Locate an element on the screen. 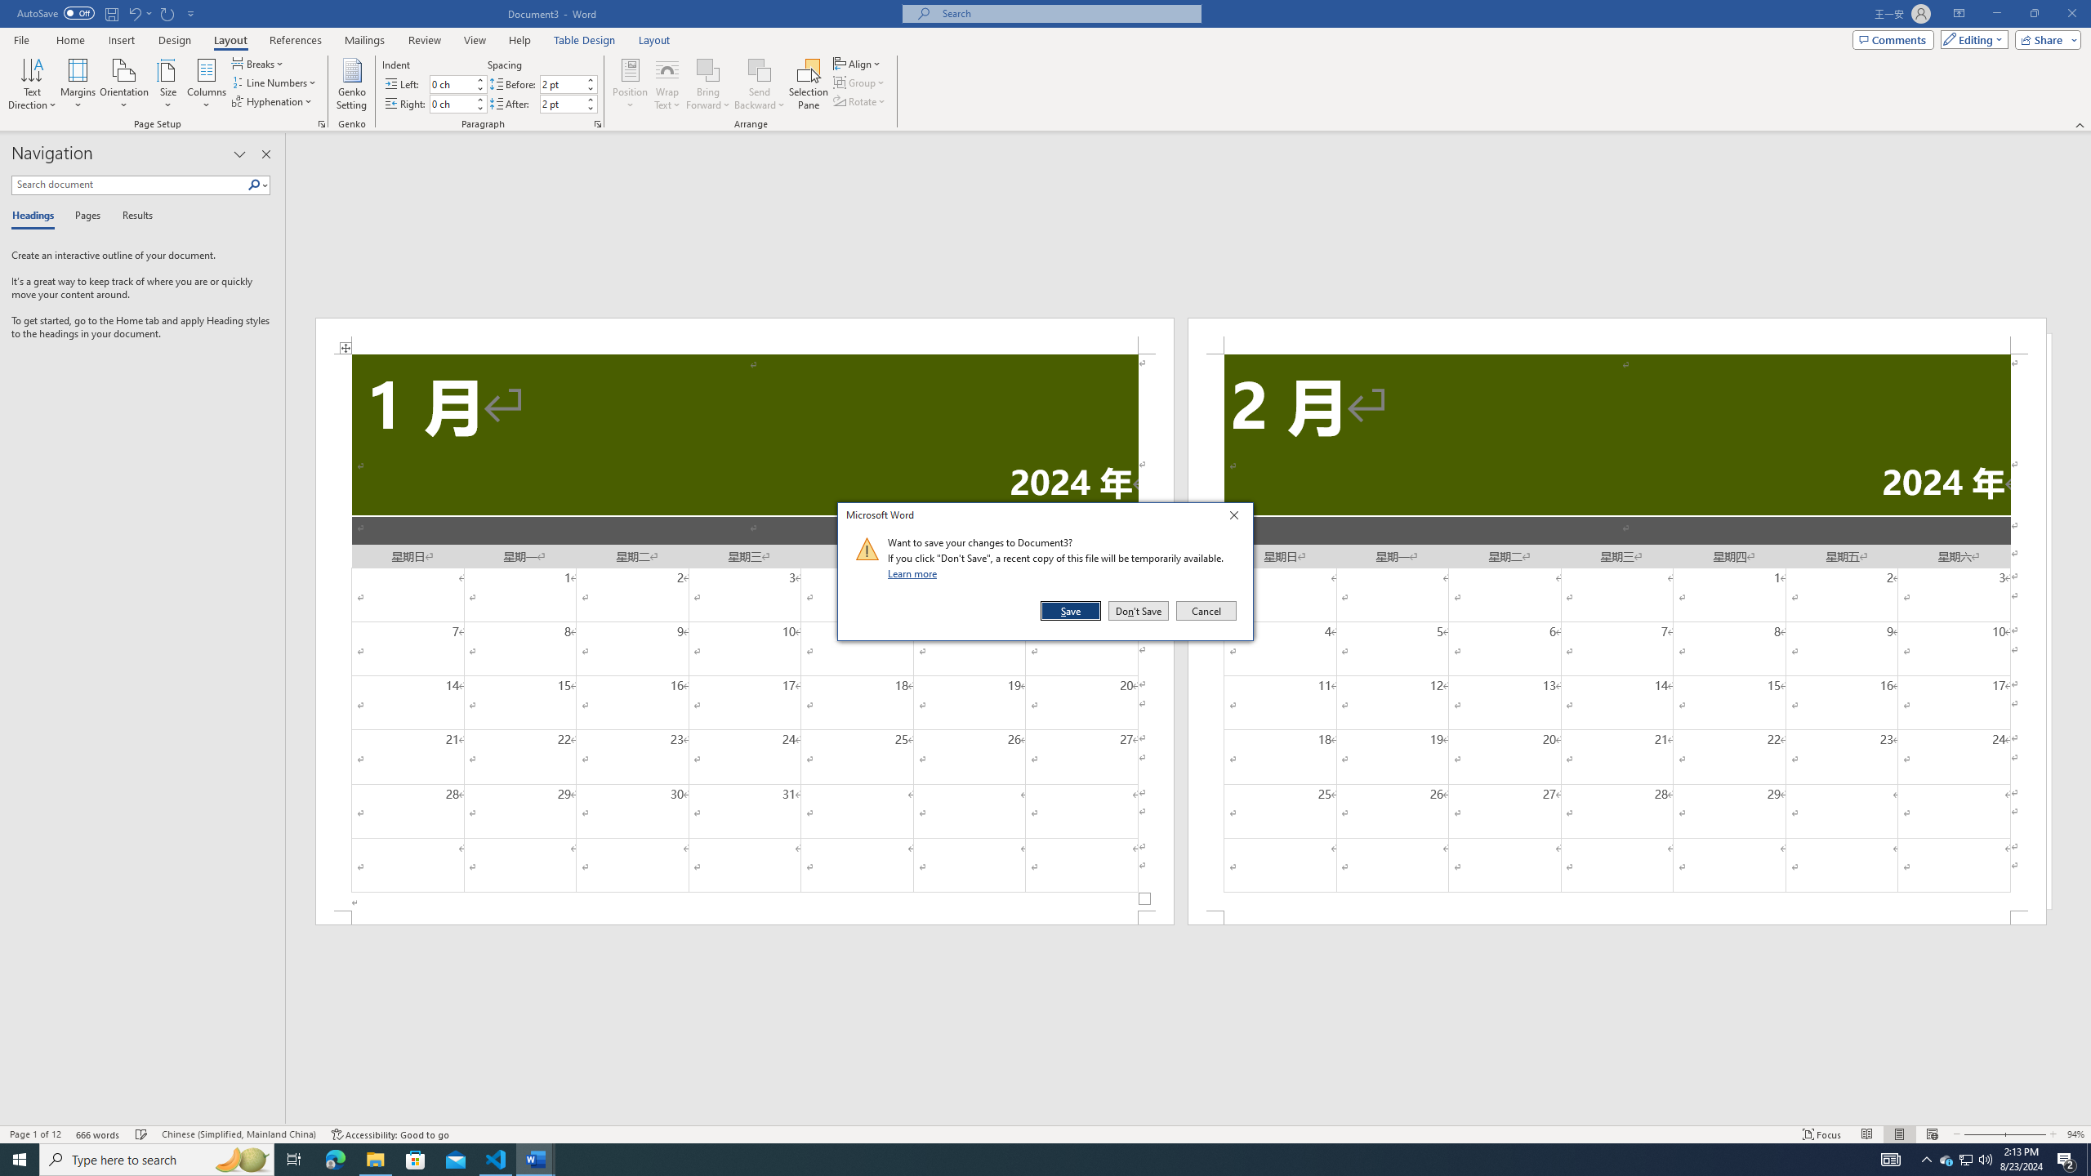 The height and width of the screenshot is (1176, 2091). 'Collapse the Ribbon' is located at coordinates (2080, 125).